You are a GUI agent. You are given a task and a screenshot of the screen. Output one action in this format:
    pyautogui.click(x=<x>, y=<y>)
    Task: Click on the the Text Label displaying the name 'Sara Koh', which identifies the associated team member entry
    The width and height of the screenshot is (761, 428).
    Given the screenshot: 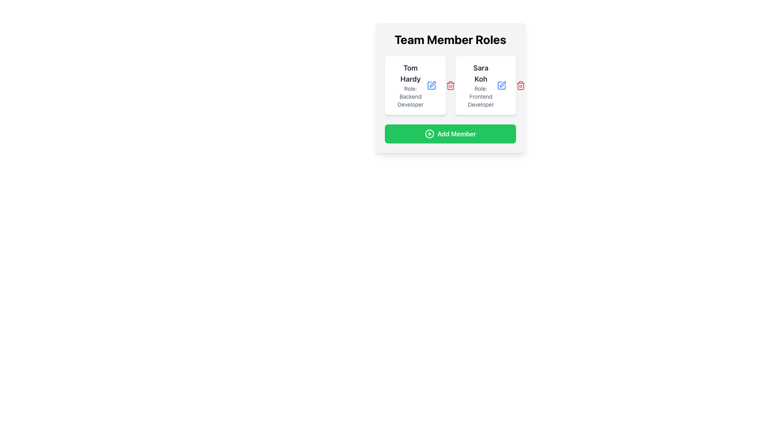 What is the action you would take?
    pyautogui.click(x=480, y=73)
    